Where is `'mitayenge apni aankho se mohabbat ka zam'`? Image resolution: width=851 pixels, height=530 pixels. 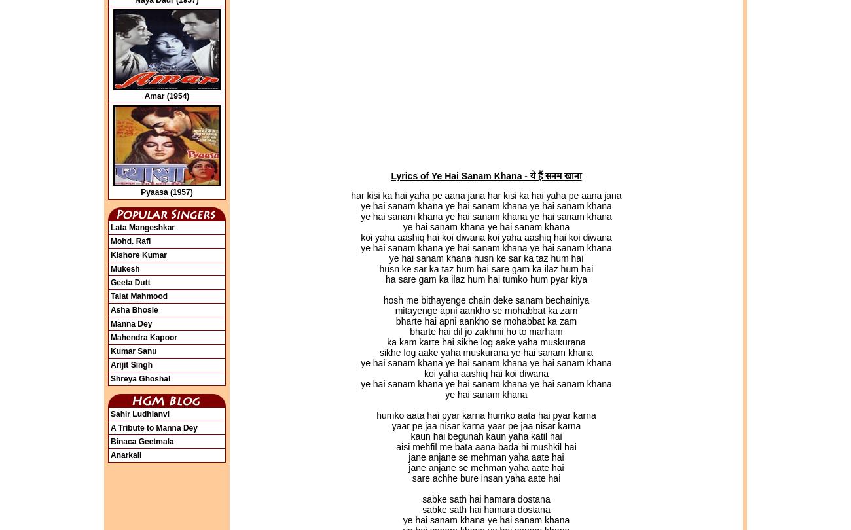
'mitayenge apni aankho se mohabbat ka zam' is located at coordinates (486, 310).